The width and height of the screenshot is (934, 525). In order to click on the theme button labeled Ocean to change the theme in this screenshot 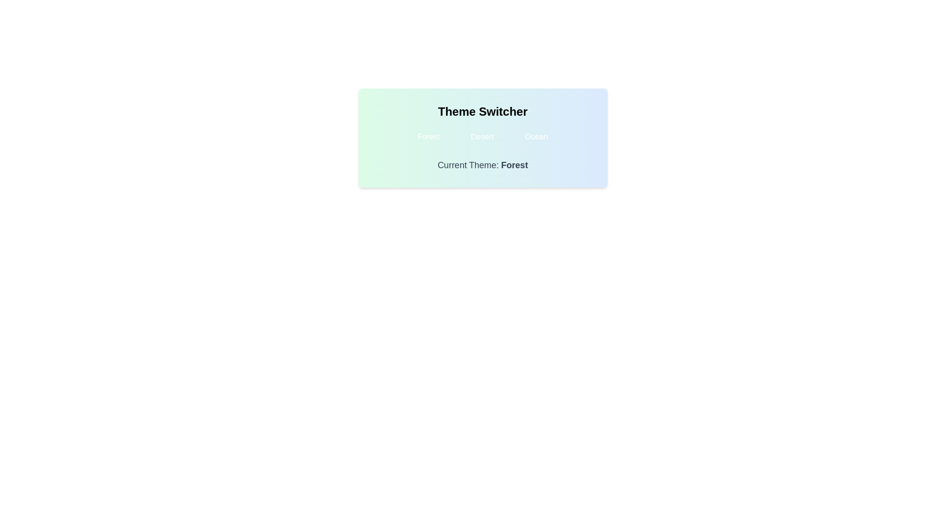, I will do `click(536, 137)`.